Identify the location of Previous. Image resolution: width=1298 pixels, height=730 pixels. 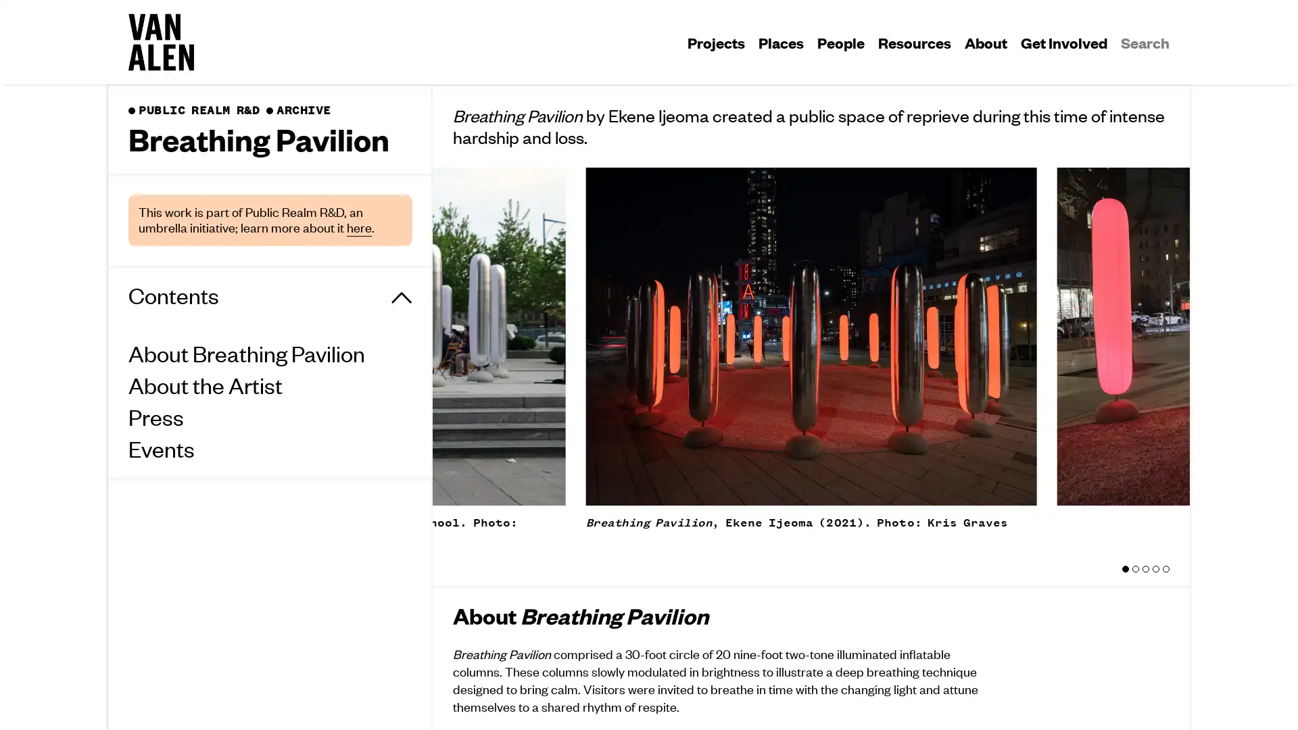
(412, 366).